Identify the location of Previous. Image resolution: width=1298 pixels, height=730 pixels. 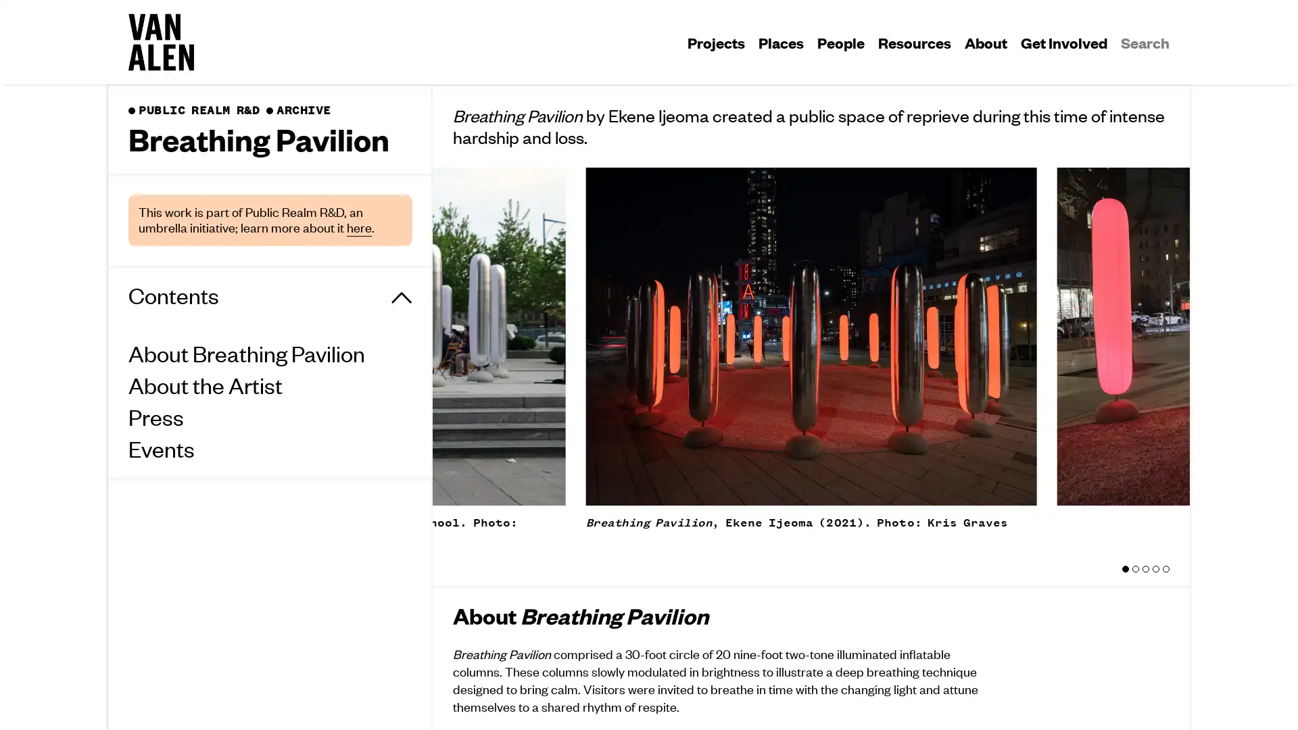
(412, 366).